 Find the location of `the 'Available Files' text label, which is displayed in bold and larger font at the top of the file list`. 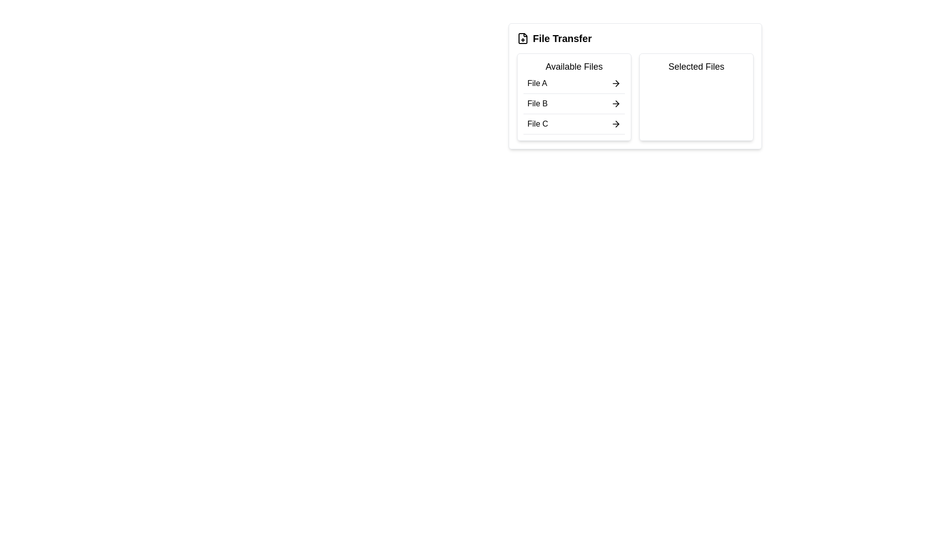

the 'Available Files' text label, which is displayed in bold and larger font at the top of the file list is located at coordinates (574, 67).